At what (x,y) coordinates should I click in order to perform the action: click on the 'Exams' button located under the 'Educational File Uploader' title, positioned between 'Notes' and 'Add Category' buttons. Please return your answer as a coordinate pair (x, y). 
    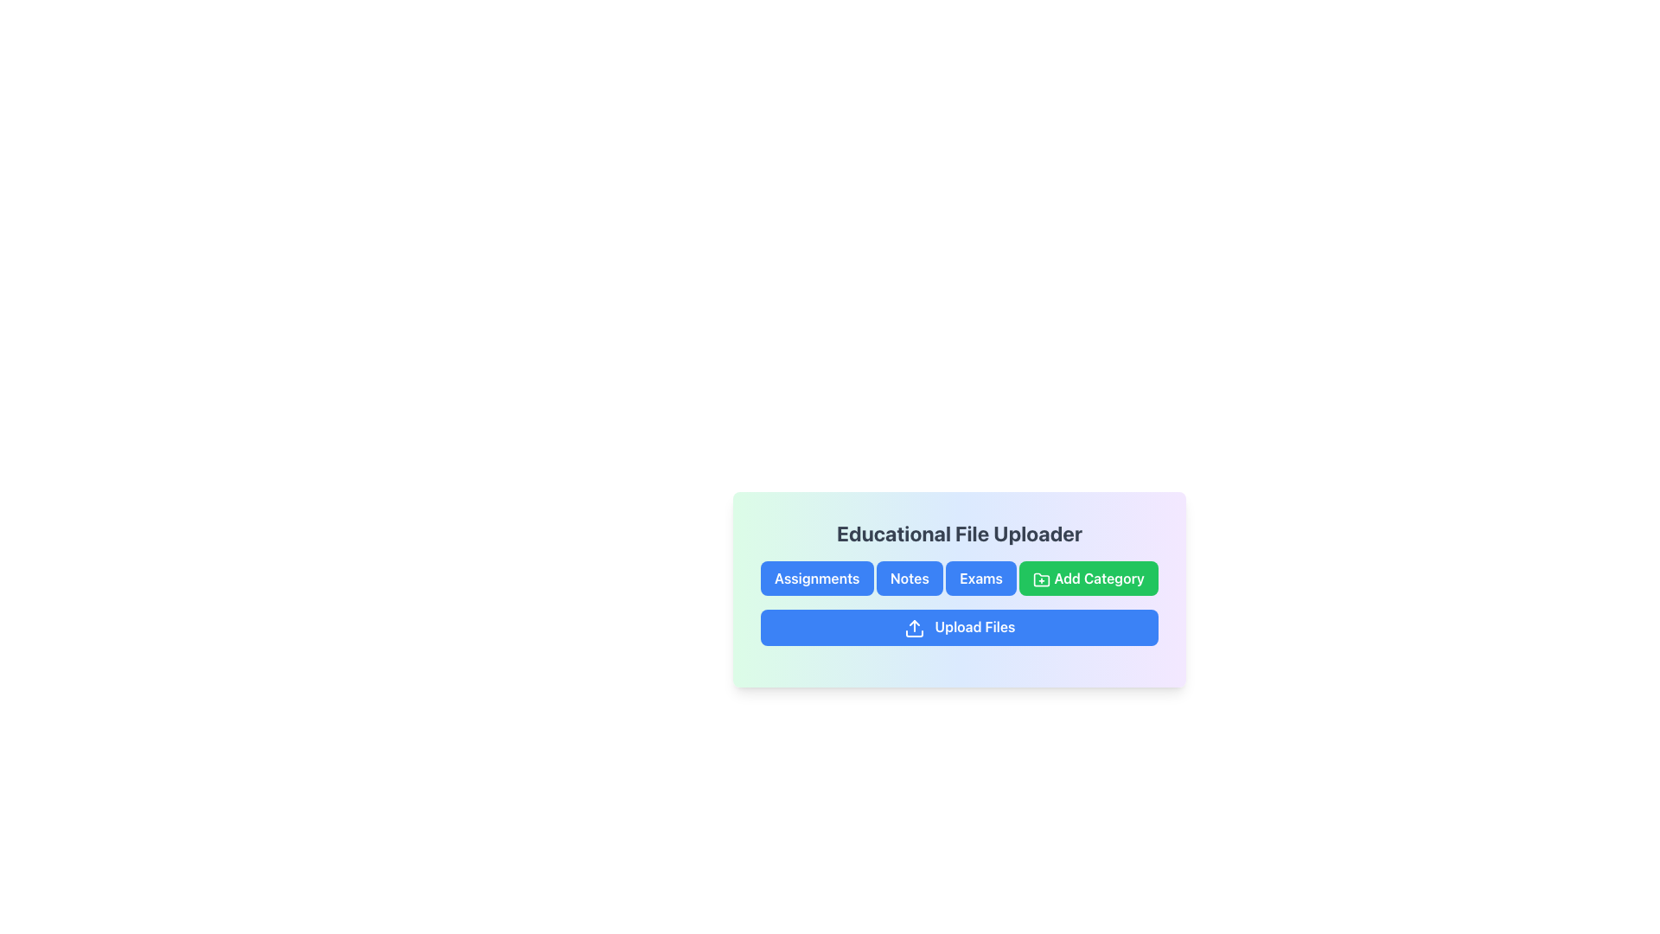
    Looking at the image, I should click on (958, 578).